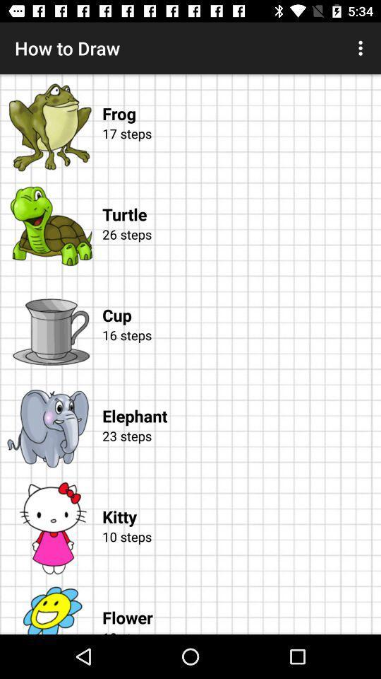 The height and width of the screenshot is (679, 381). I want to click on frog item, so click(241, 98).